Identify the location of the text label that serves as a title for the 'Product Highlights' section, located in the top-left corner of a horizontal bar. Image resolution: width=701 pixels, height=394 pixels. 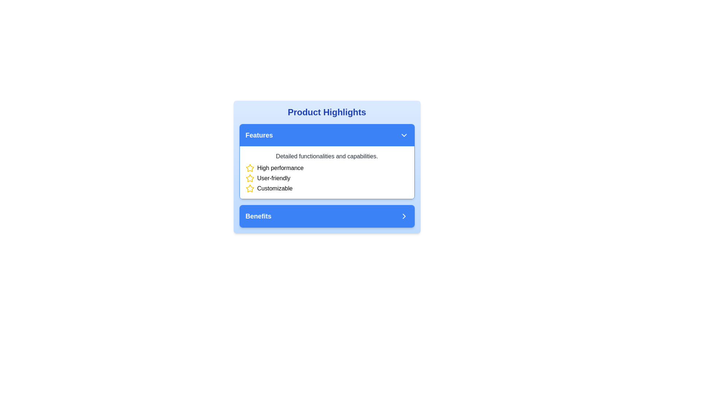
(259, 135).